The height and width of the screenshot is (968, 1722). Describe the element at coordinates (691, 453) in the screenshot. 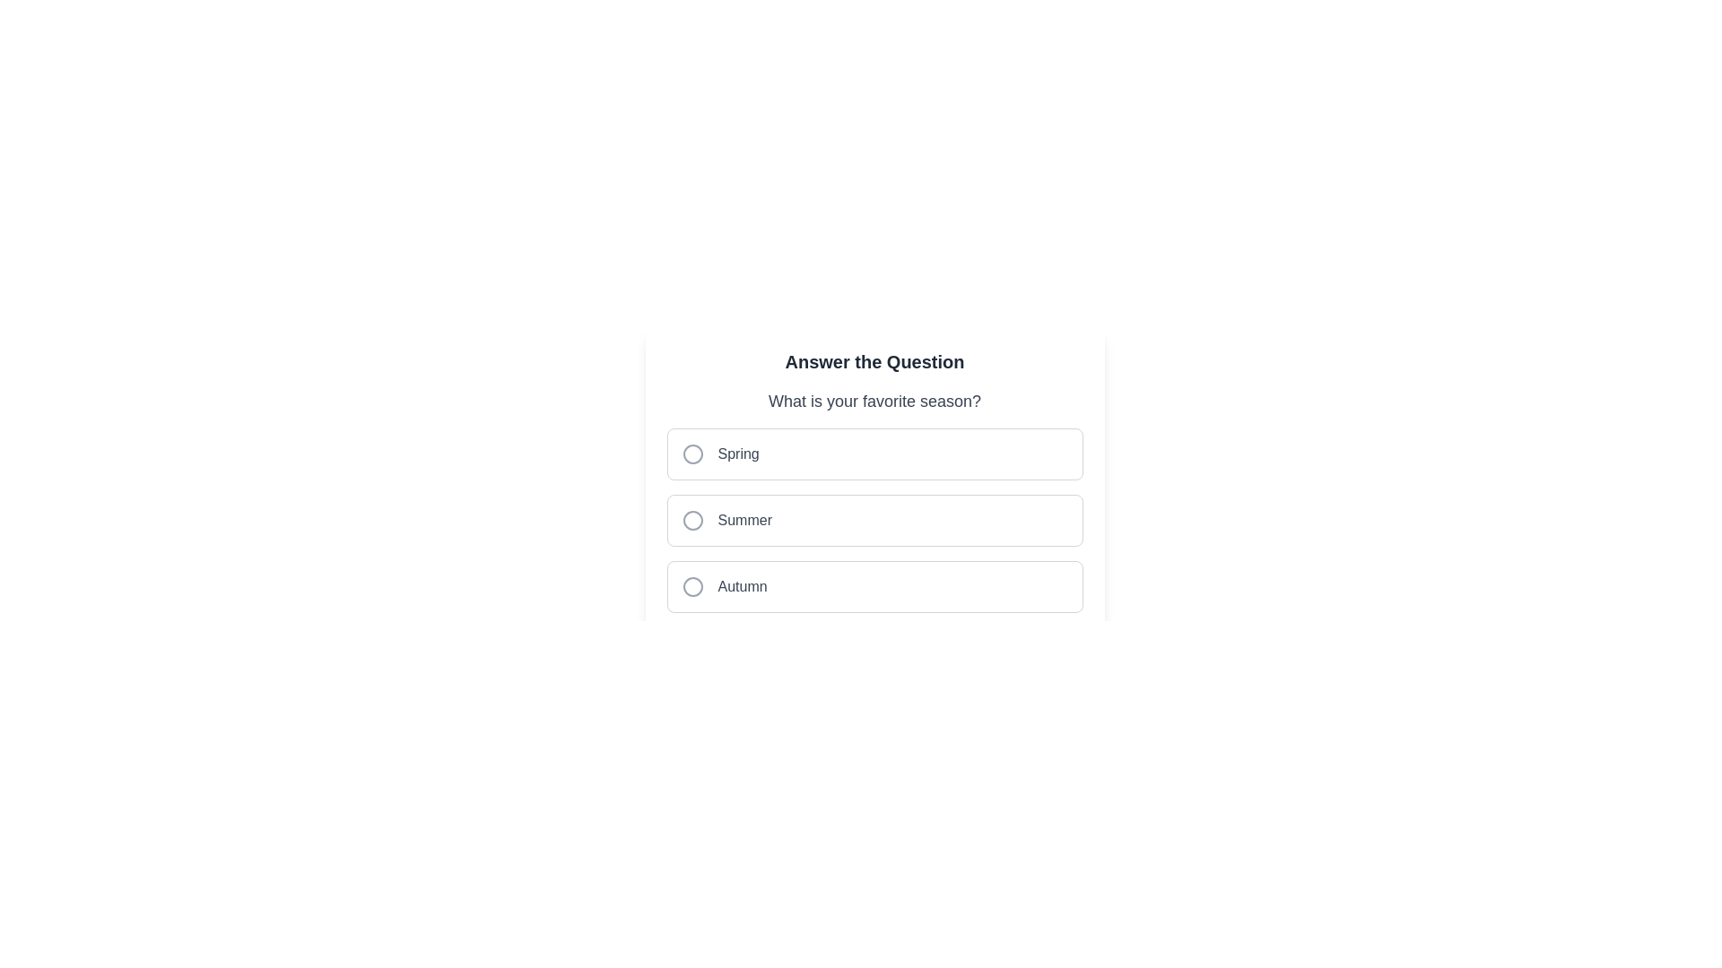

I see `the first radio button within the 'Spring' section` at that location.